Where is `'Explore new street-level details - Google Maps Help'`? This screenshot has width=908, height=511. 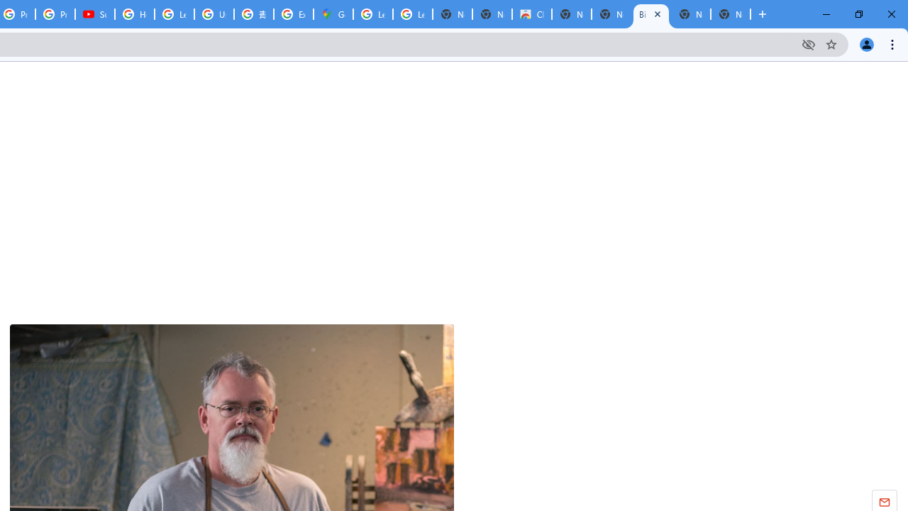 'Explore new street-level details - Google Maps Help' is located at coordinates (293, 14).